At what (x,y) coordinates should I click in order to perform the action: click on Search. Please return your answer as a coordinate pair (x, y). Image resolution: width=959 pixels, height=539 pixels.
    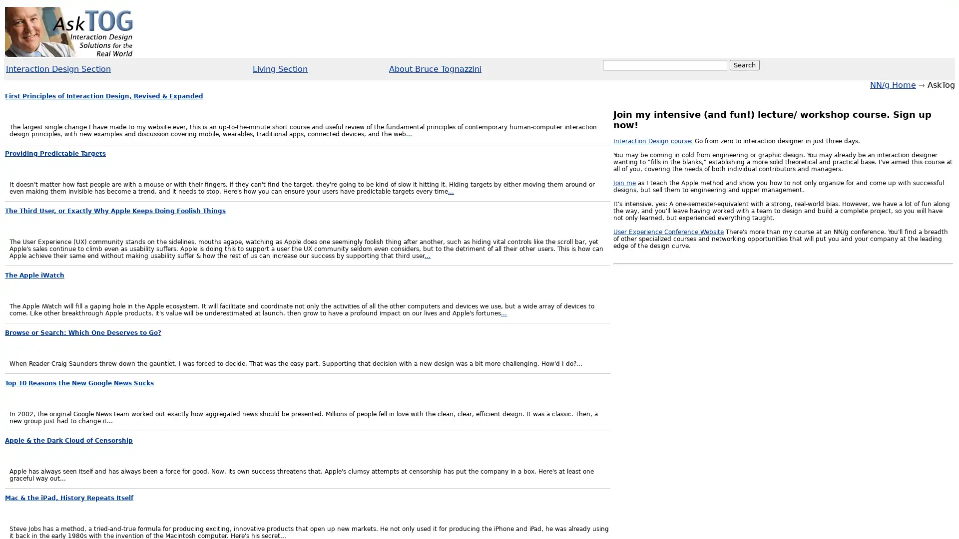
    Looking at the image, I should click on (744, 65).